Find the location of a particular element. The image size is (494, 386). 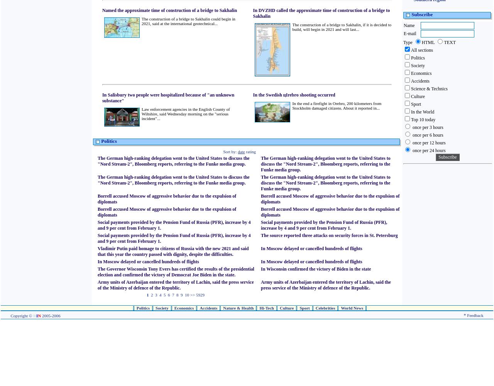

'The construction of a bridge to Sakhalin could begin in 2021, said at the international geotechnical...' is located at coordinates (188, 21).